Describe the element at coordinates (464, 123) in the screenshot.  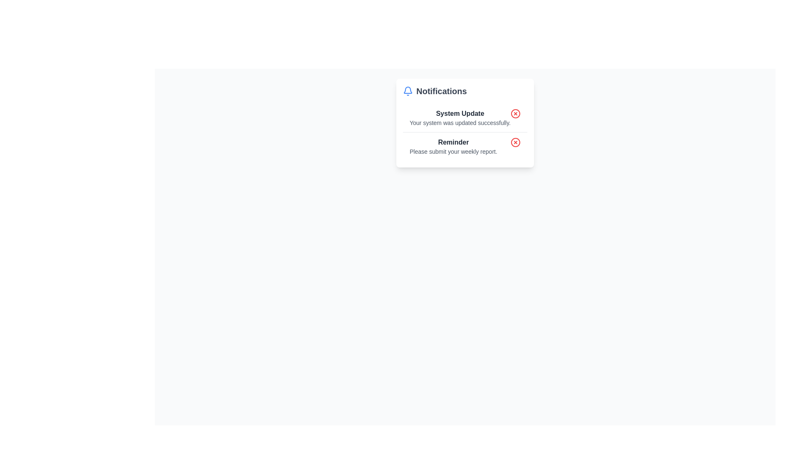
I see `the Notification panel, which features a header labeled 'Notifications', a bell icon, and two notifications with dismiss buttons` at that location.